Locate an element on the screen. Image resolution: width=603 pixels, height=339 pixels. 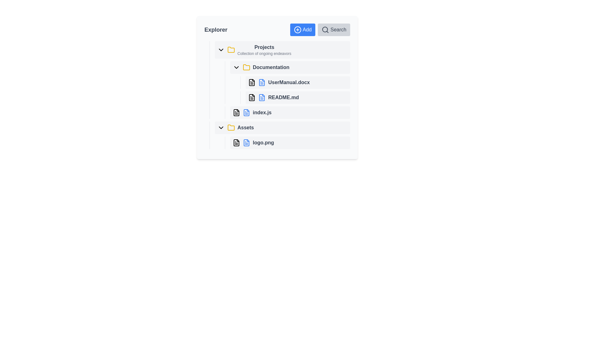
the search button located in the top-right corner of the toolbar to initiate the search function is located at coordinates (334, 30).